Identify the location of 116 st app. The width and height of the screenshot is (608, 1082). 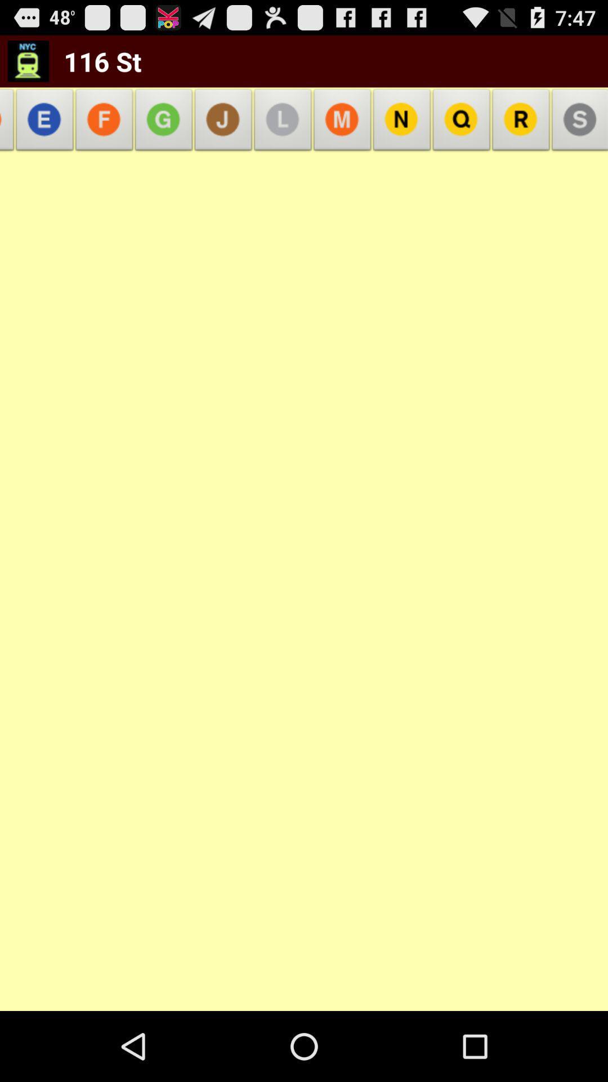
(95, 61).